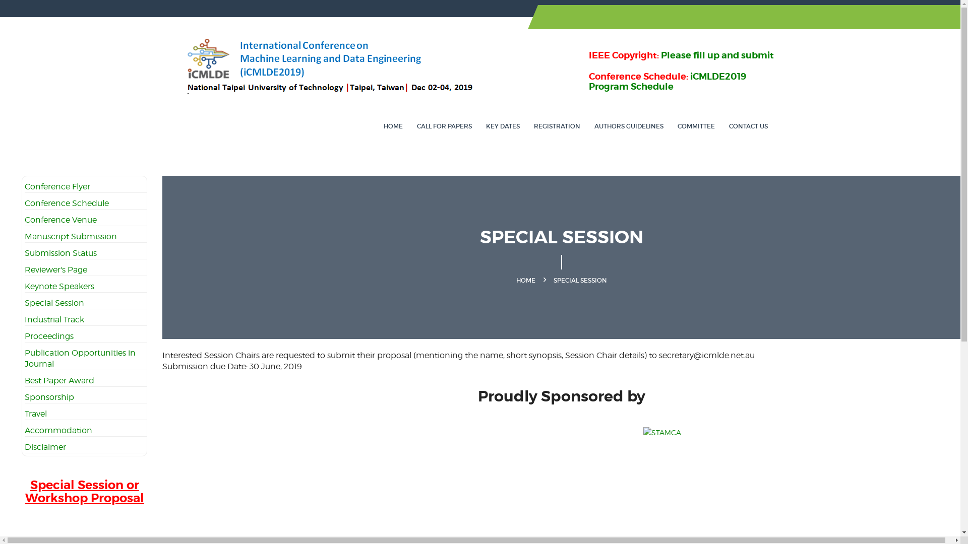 The height and width of the screenshot is (544, 968). What do you see at coordinates (59, 380) in the screenshot?
I see `'Best Paper Award'` at bounding box center [59, 380].